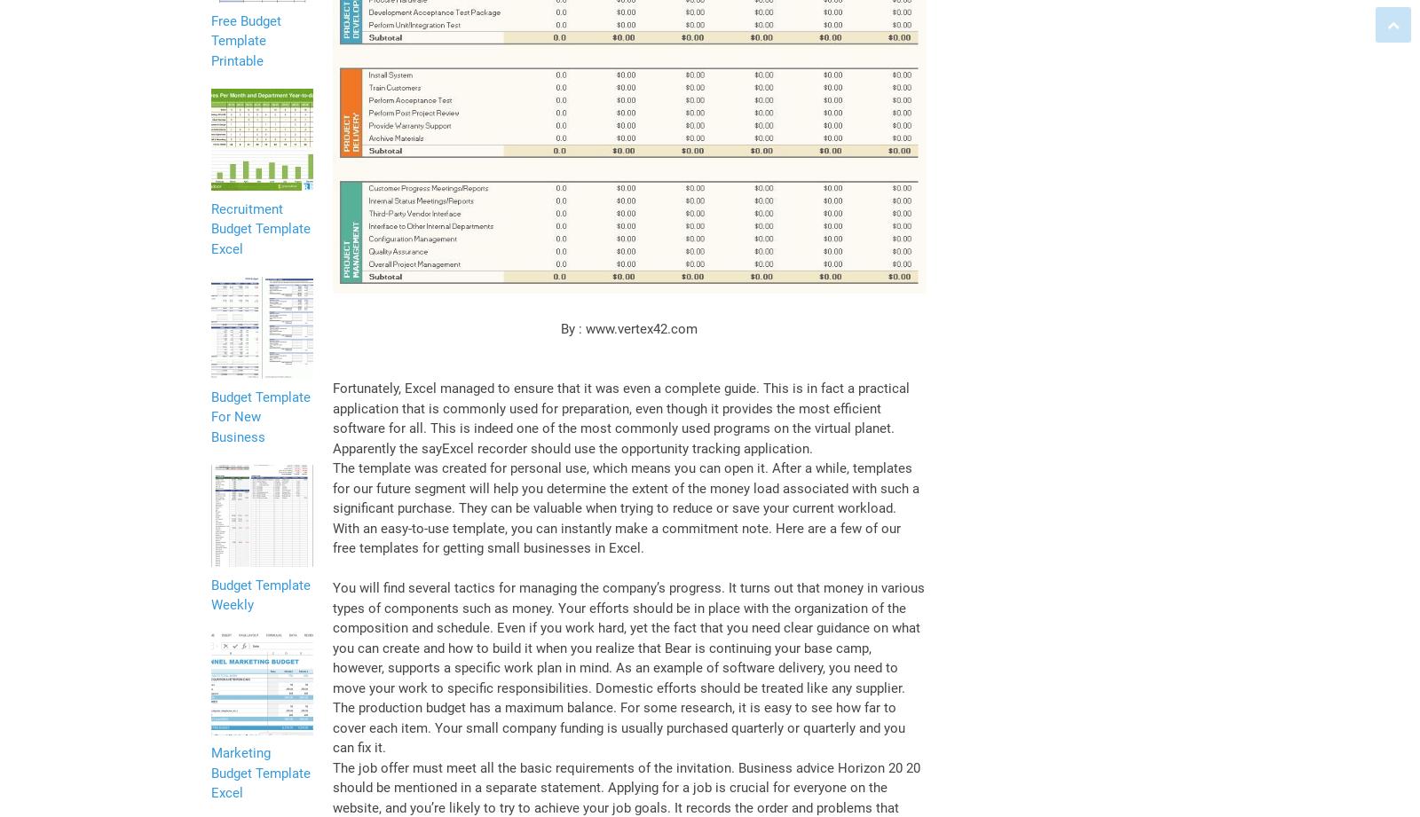  What do you see at coordinates (626, 507) in the screenshot?
I see `'The template was created for personal use, which means you can open it. After a while, templates for our future segment will help you determine the extent of the money load associated with such a significant purchase. They can be valuable when trying to reduce or save your current workload. With an easy-to-use template, you can instantly make a commitment note. Here are a few of our free templates for getting small businesses in Excel.'` at bounding box center [626, 507].